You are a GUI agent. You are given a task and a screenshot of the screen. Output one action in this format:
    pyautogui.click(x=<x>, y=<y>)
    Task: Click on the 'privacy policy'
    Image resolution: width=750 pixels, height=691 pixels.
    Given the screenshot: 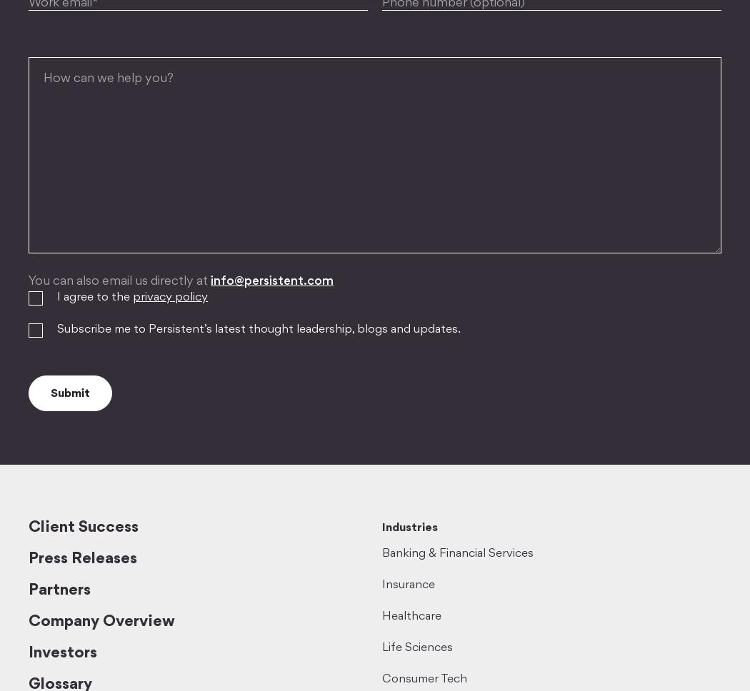 What is the action you would take?
    pyautogui.click(x=170, y=298)
    